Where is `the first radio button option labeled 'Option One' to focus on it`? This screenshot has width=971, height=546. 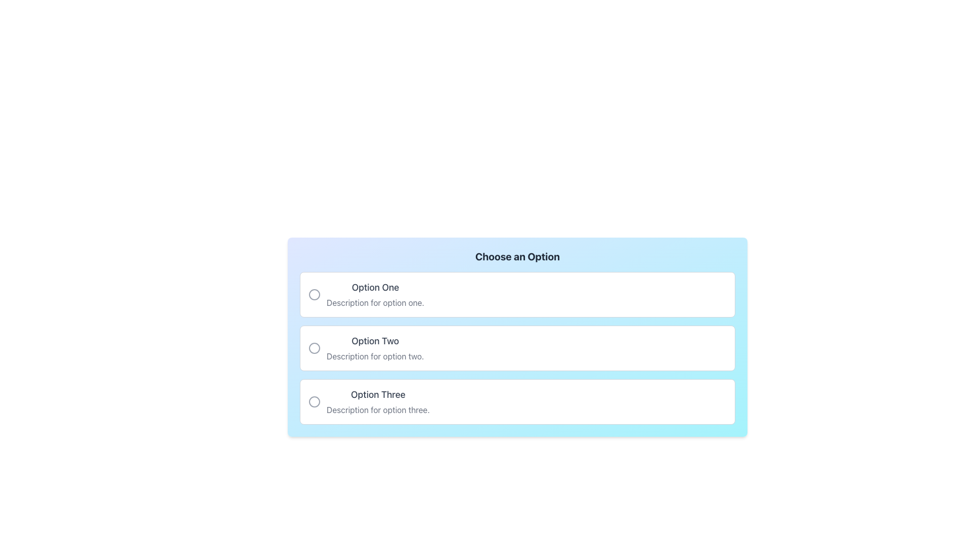
the first radio button option labeled 'Option One' to focus on it is located at coordinates (517, 294).